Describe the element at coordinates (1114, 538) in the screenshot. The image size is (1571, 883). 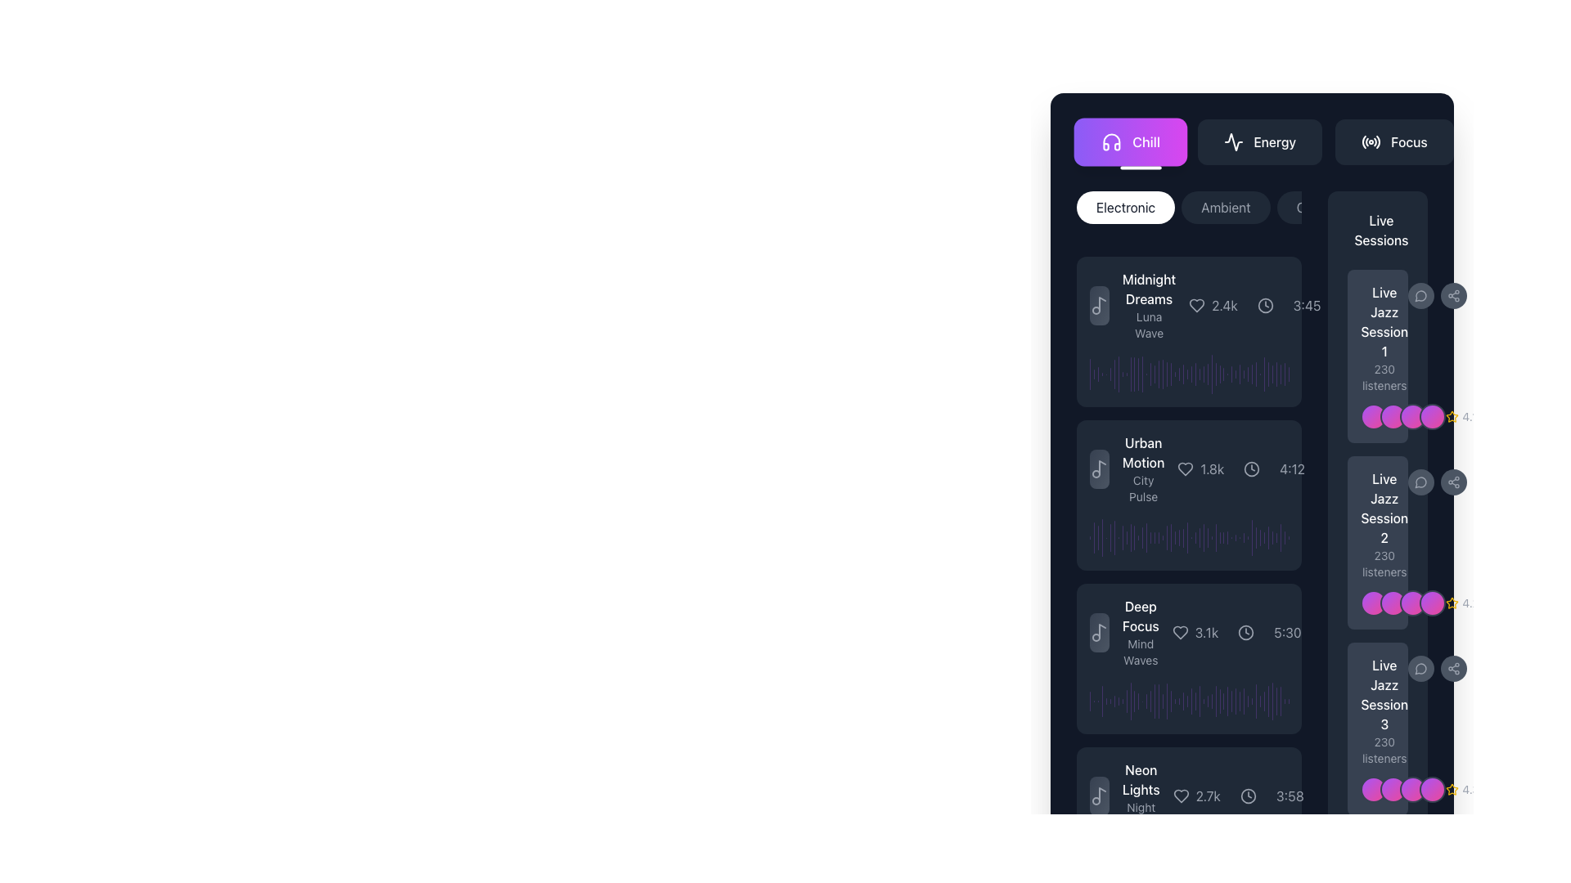
I see `the seventh vertical bar in the graphical distribution indicator set, located towards the center-right area of the interface` at that location.